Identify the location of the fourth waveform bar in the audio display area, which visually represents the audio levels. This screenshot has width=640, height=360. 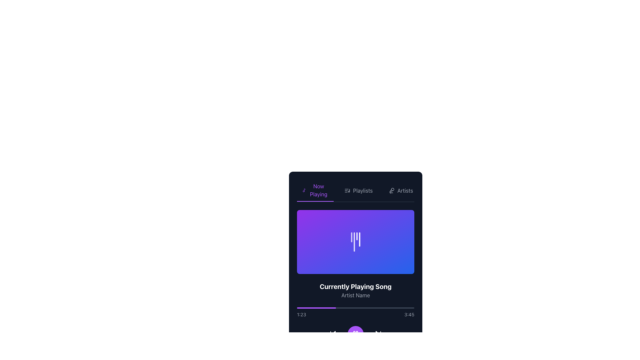
(359, 239).